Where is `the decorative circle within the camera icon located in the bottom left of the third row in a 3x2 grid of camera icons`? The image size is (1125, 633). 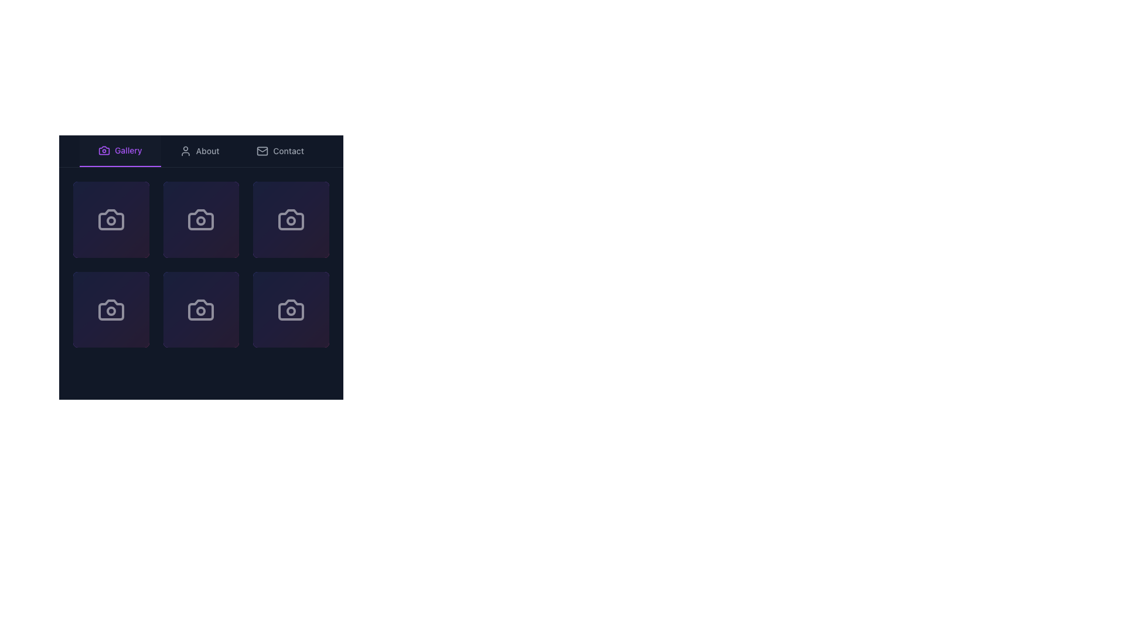
the decorative circle within the camera icon located in the bottom left of the third row in a 3x2 grid of camera icons is located at coordinates (111, 310).